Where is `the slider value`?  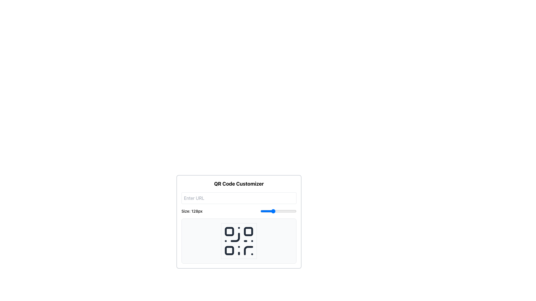 the slider value is located at coordinates (293, 211).